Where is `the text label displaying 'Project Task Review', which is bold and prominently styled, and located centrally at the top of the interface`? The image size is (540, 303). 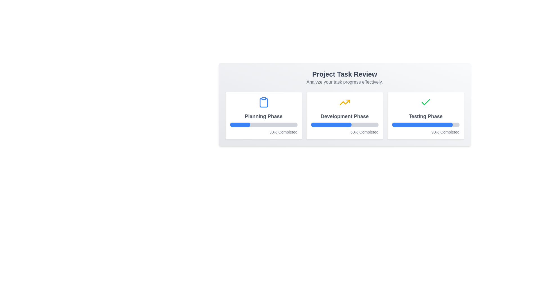 the text label displaying 'Project Task Review', which is bold and prominently styled, and located centrally at the top of the interface is located at coordinates (344, 74).